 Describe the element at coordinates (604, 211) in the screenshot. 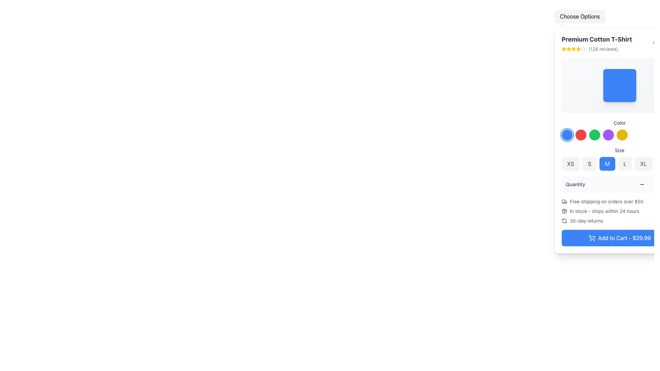

I see `the text label displaying 'In stock - ships within 24 hours', which is located below the bullet point labeled 'Free shipping on orders over $50'` at that location.